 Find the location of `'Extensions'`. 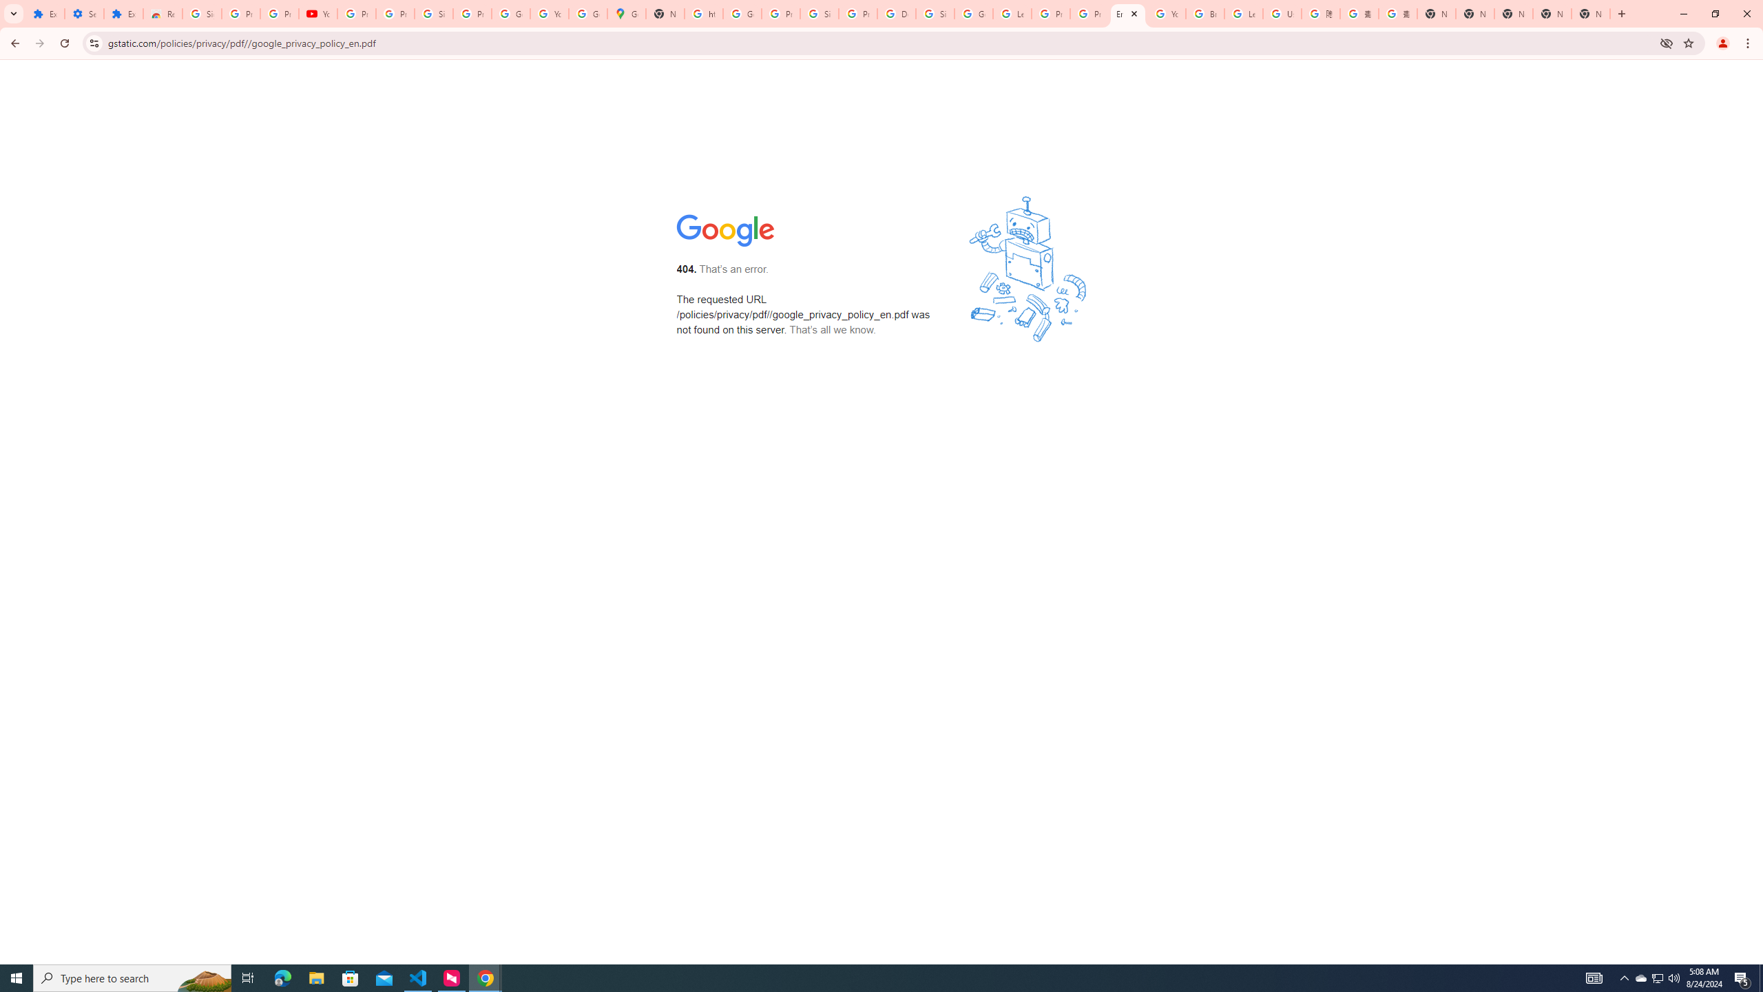

'Extensions' is located at coordinates (45, 13).